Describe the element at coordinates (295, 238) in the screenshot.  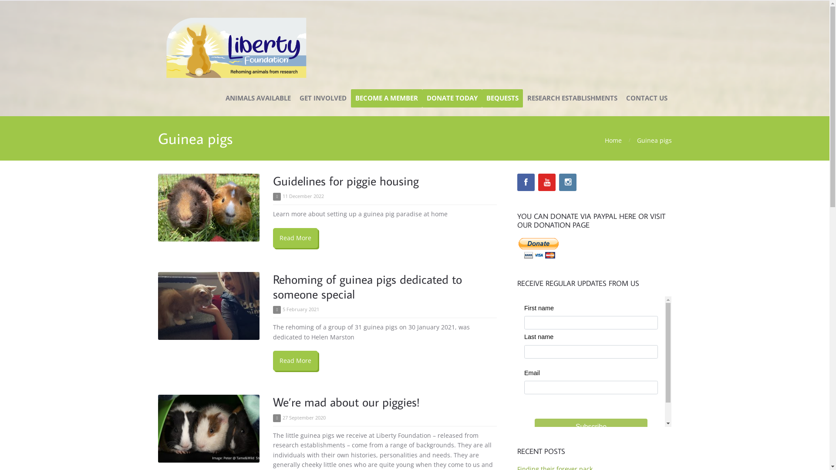
I see `'Read More'` at that location.